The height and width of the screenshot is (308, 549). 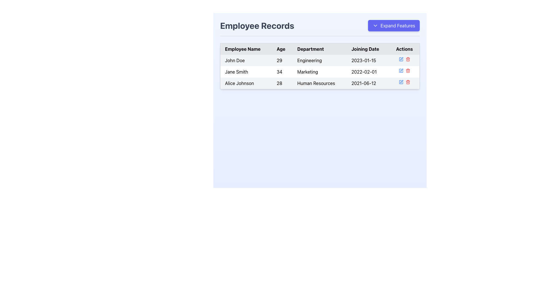 I want to click on the blue edit icon in the Actions column of the row for John Doe, so click(x=404, y=59).